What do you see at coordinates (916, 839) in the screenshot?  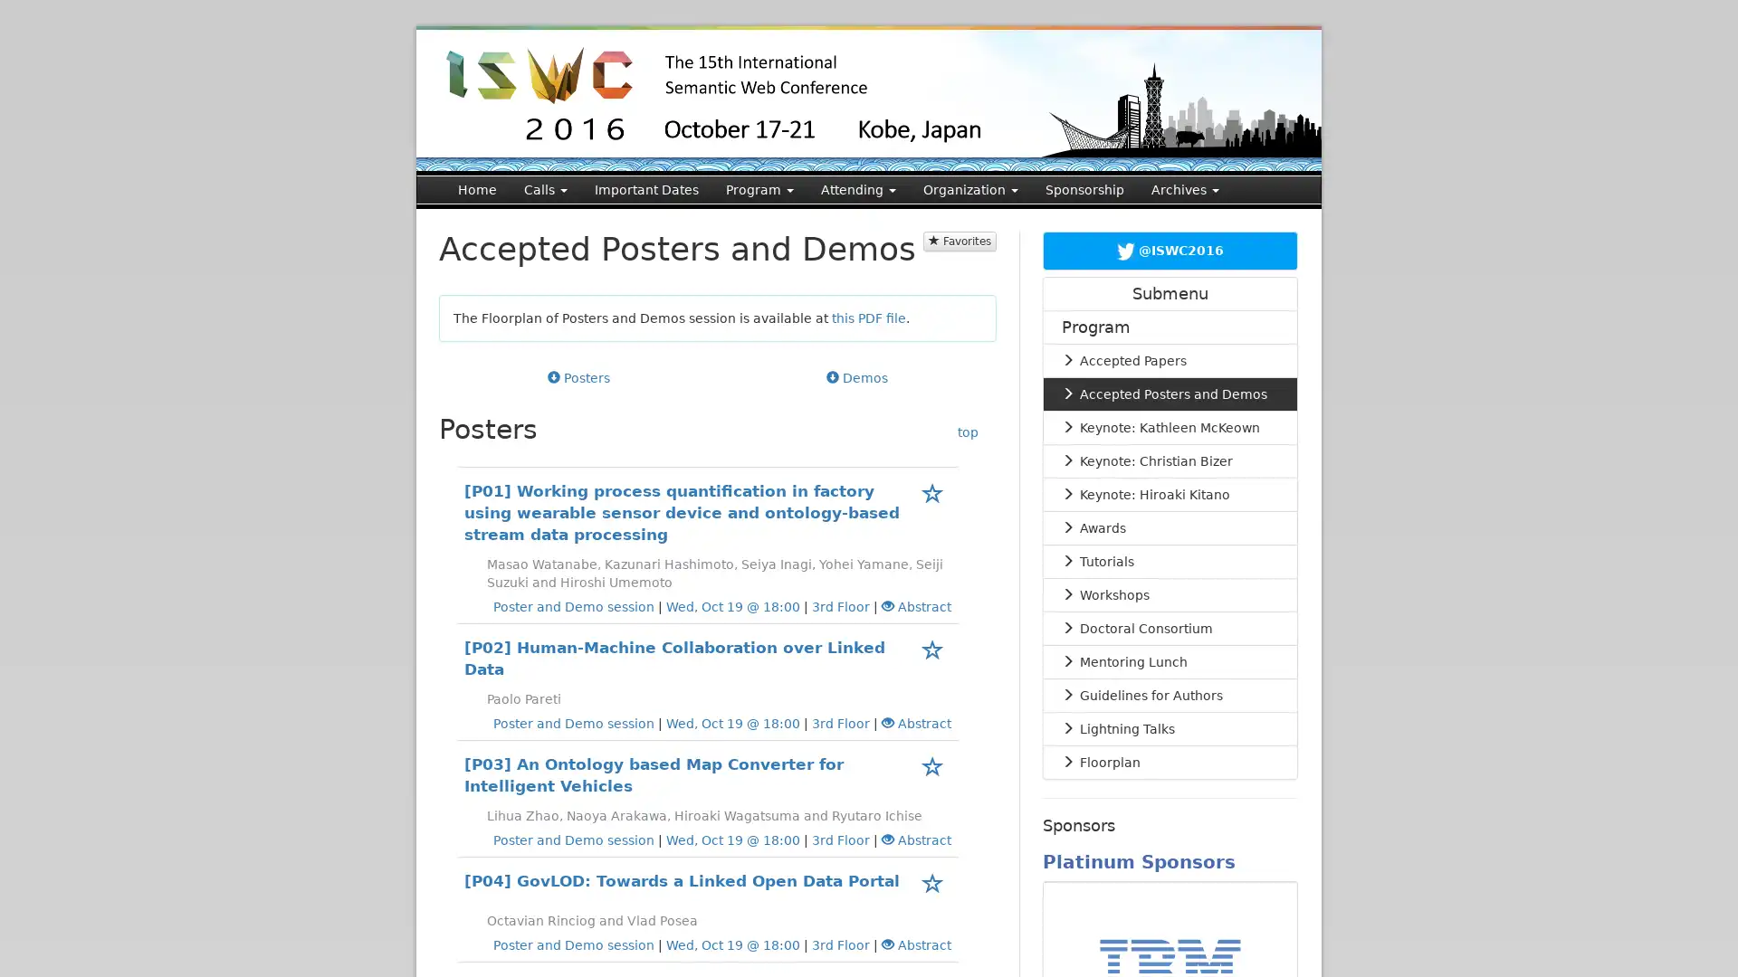 I see `Abstract` at bounding box center [916, 839].